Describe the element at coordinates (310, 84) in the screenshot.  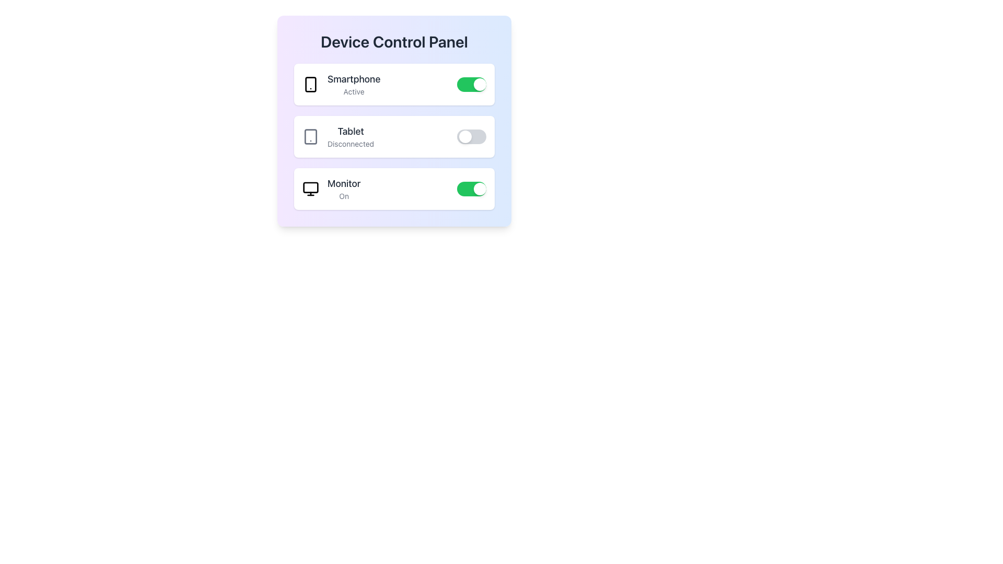
I see `the smartphone icon, which is a green line drawing with rounded corners located at the left side of the first entry in the device list of the control panel` at that location.